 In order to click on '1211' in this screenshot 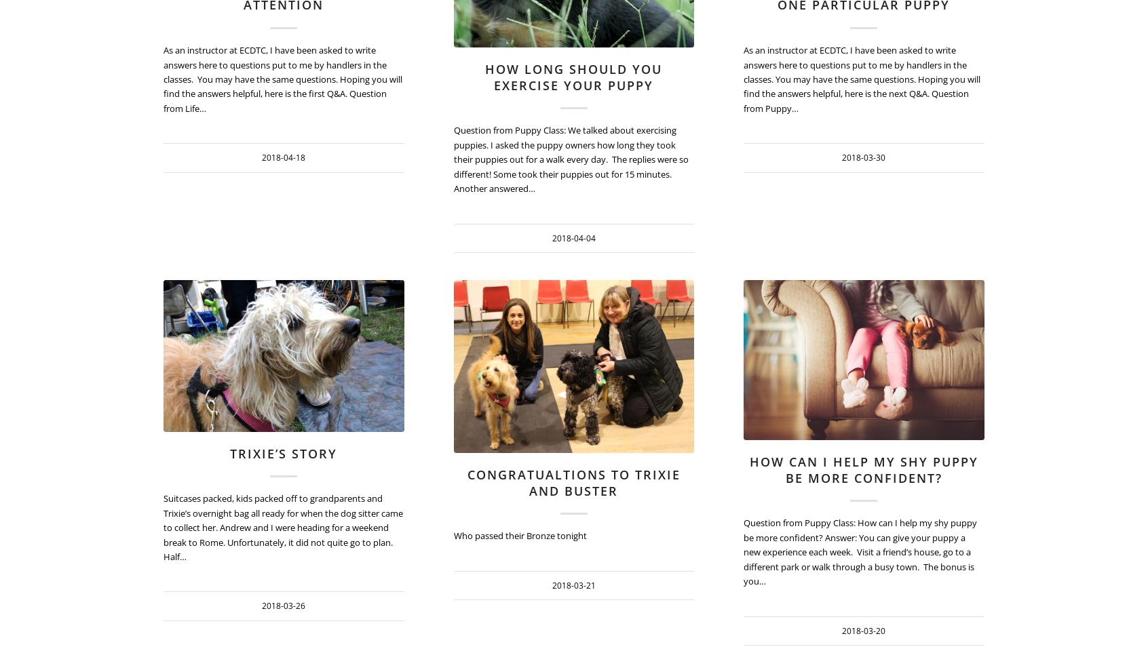, I will do `click(403, 315)`.